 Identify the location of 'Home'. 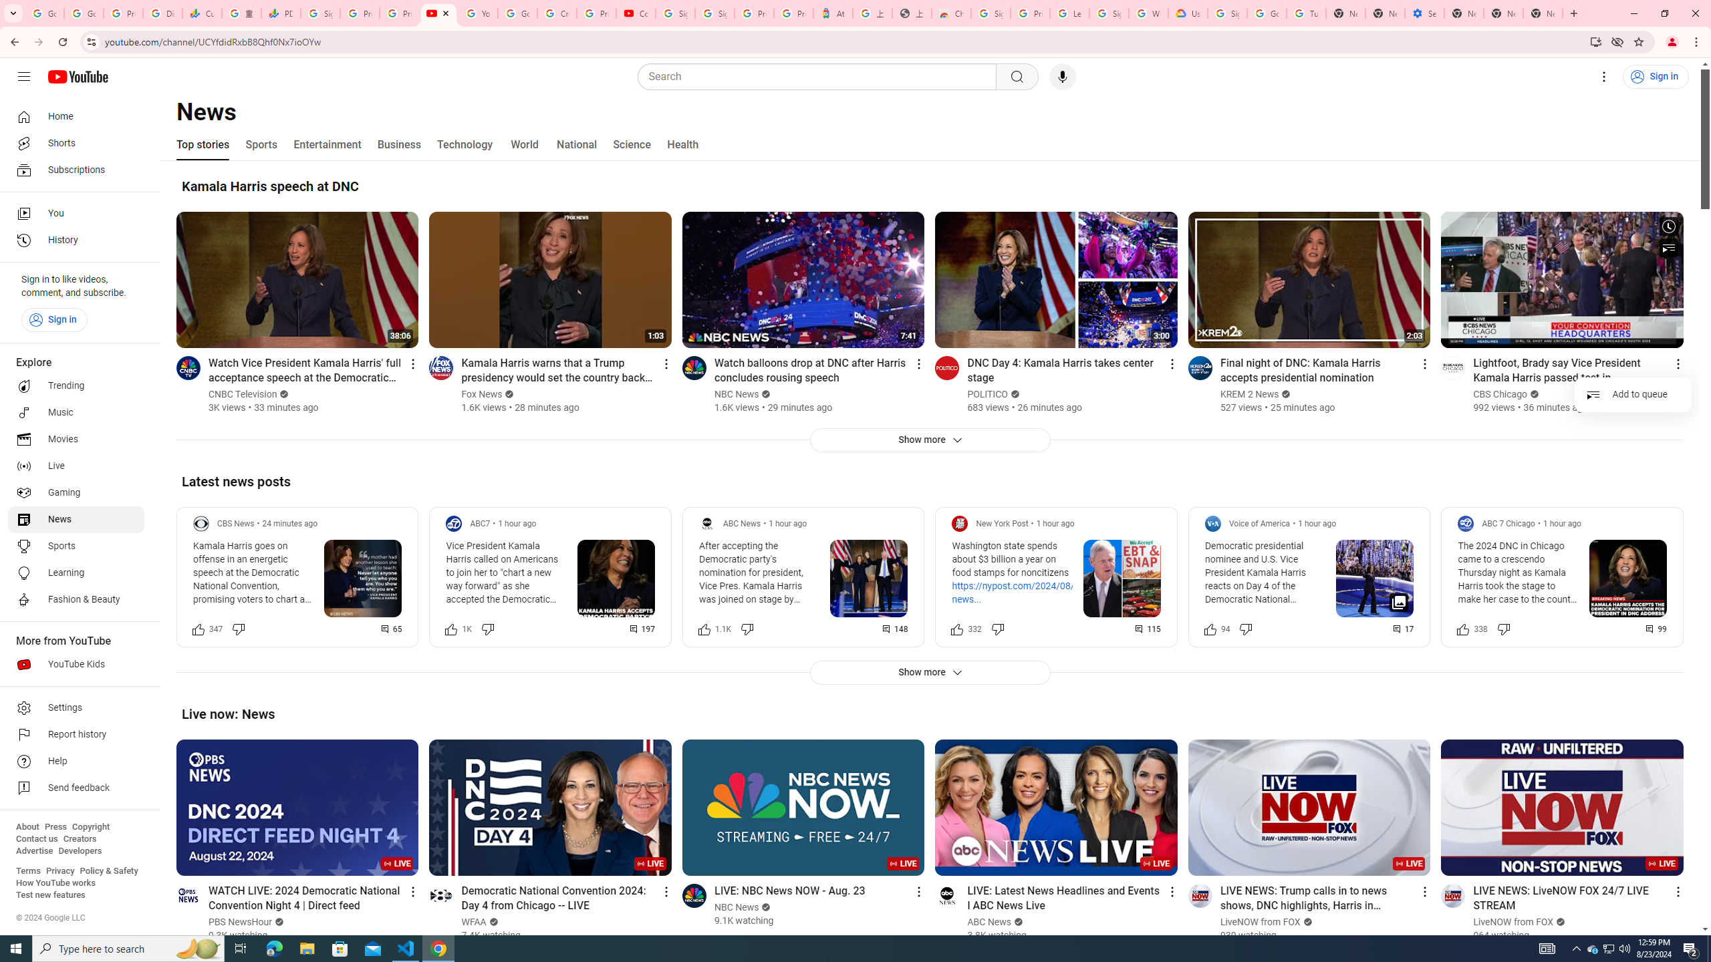
(76, 116).